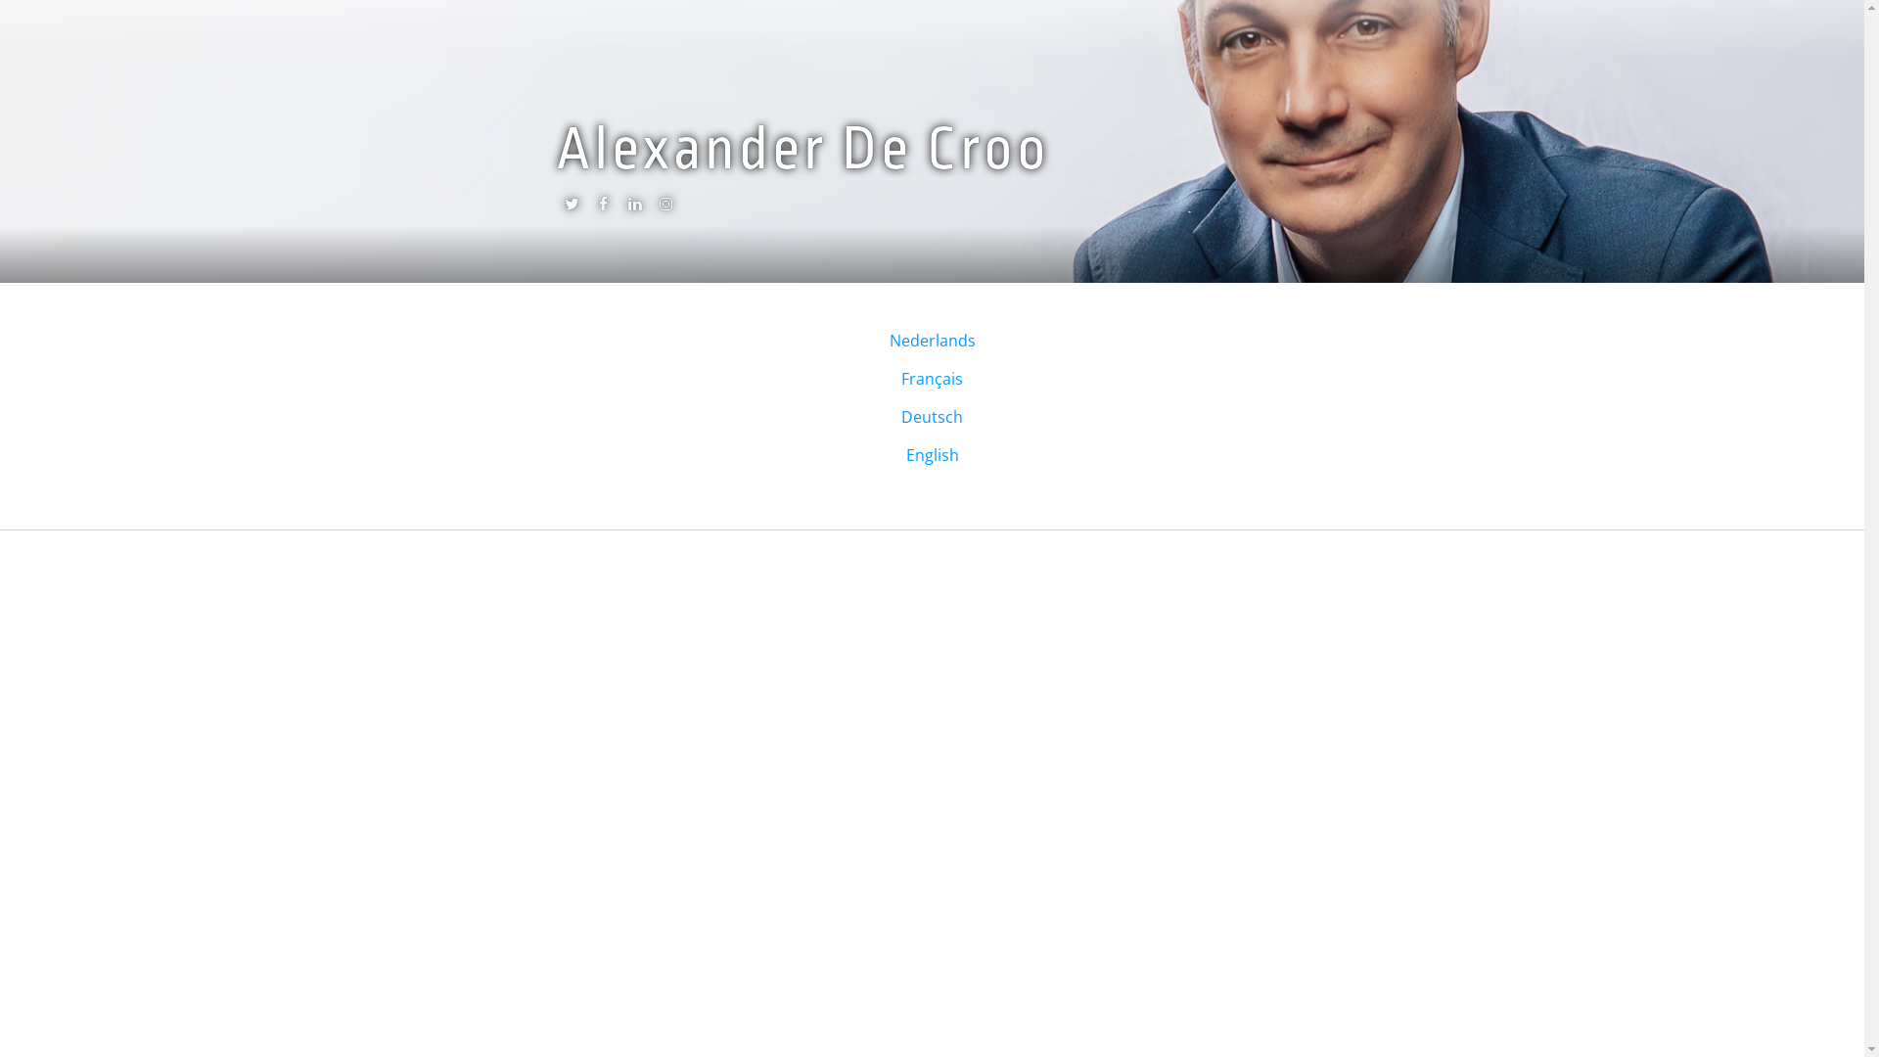  What do you see at coordinates (932, 455) in the screenshot?
I see `'English'` at bounding box center [932, 455].